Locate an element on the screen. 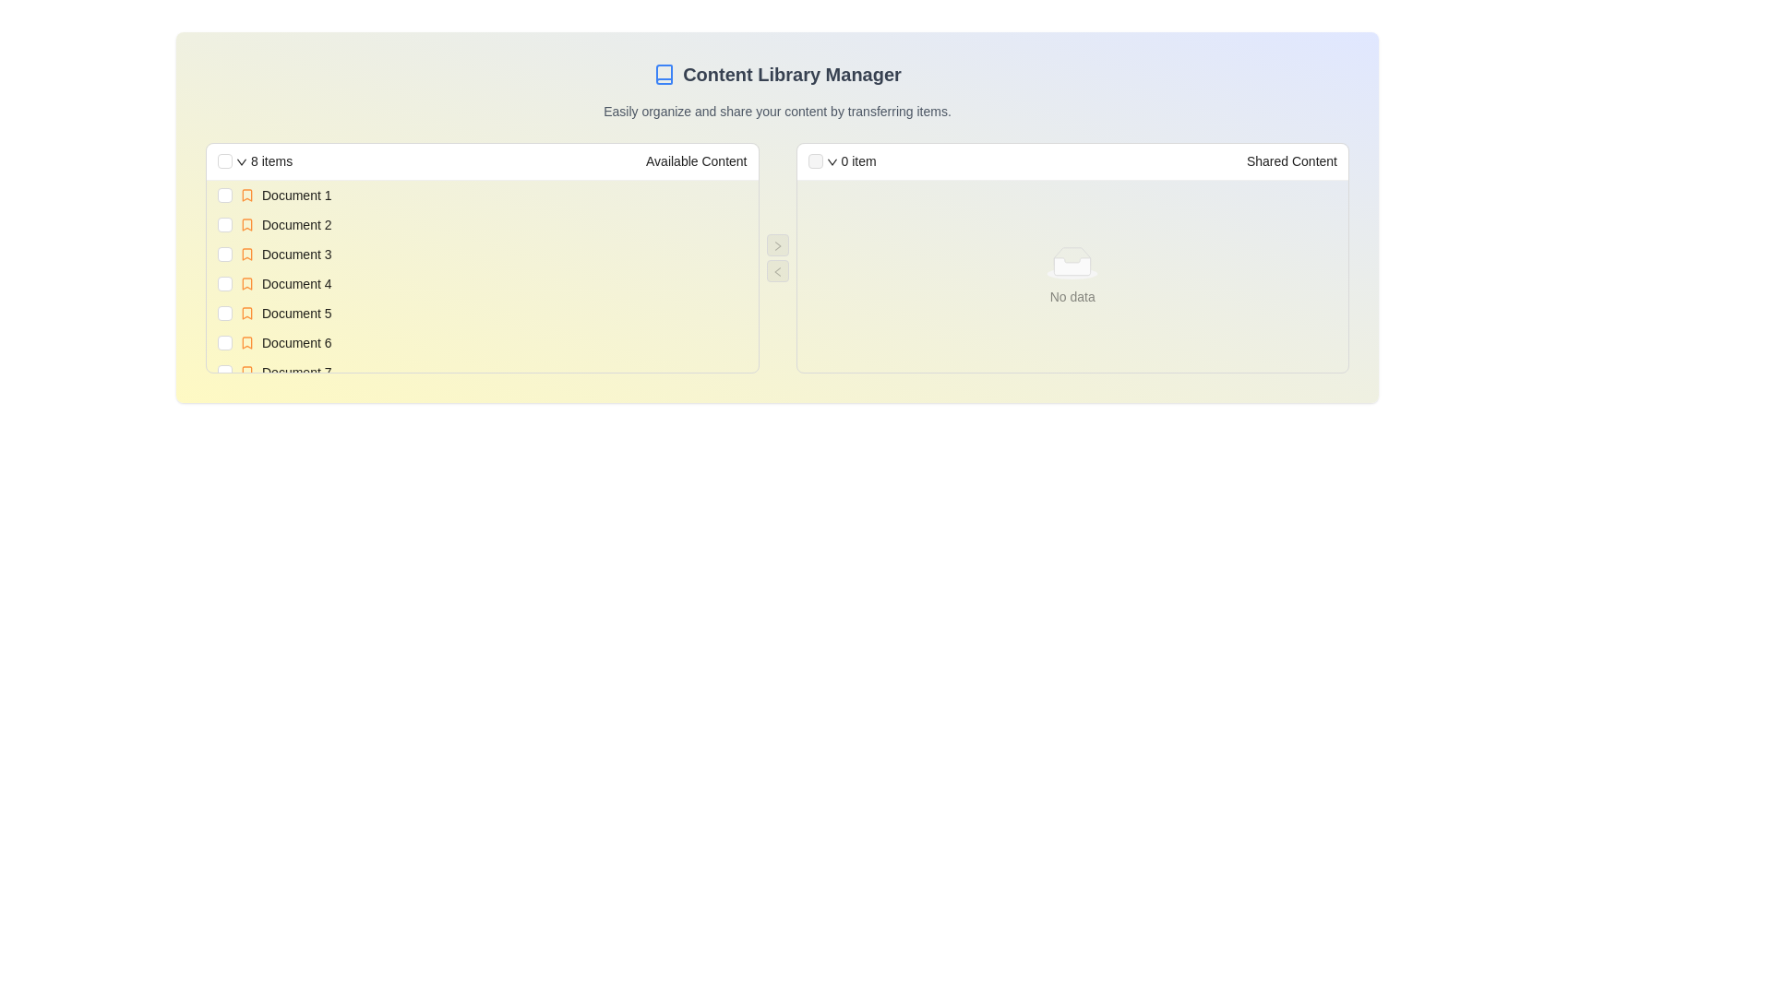 The width and height of the screenshot is (1772, 996). the checkbox located next to the label text 'Document 2' is located at coordinates (224, 223).